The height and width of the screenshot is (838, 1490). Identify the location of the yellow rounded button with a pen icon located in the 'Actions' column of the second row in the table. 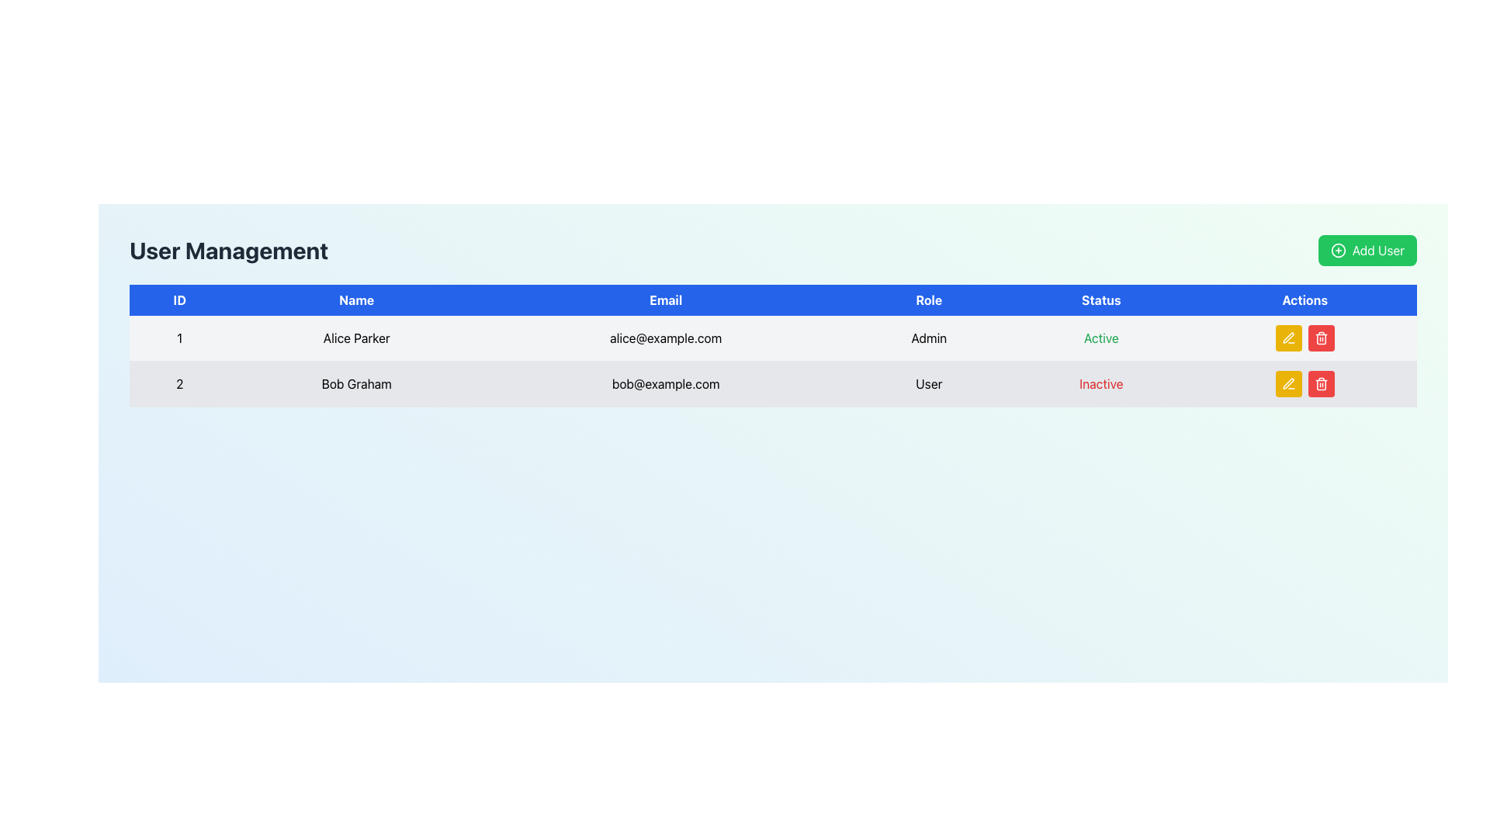
(1288, 337).